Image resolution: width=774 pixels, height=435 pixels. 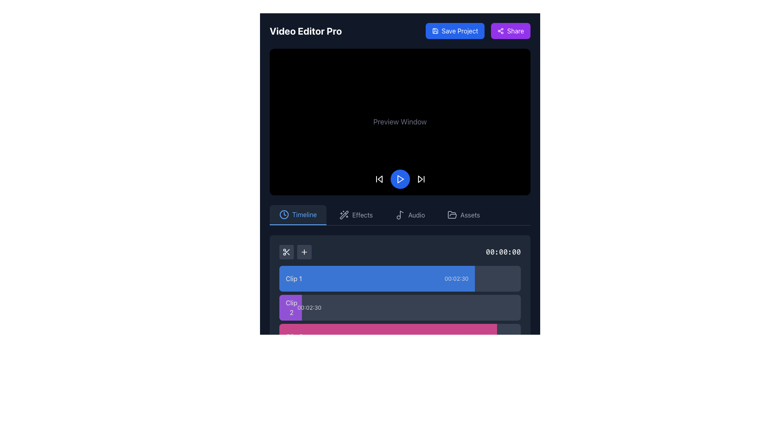 What do you see at coordinates (400, 122) in the screenshot?
I see `the 'Preview Window' area, which is a rectangular section with a black background and rounded corners, displaying the text 'Preview Window' in gray, along with media control buttons below it` at bounding box center [400, 122].